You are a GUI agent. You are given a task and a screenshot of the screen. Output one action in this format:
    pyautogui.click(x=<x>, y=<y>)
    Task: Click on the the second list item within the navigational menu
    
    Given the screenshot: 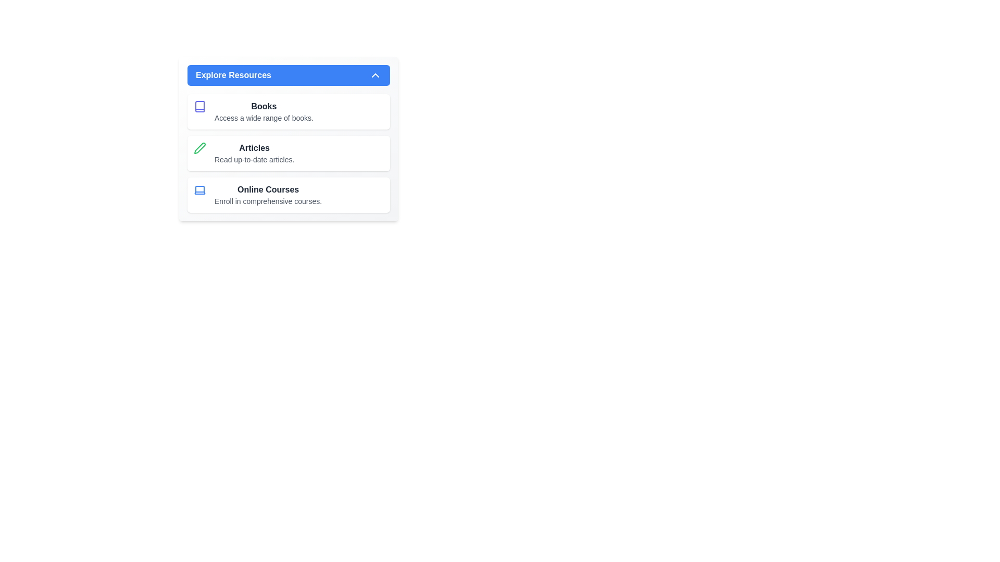 What is the action you would take?
    pyautogui.click(x=289, y=153)
    